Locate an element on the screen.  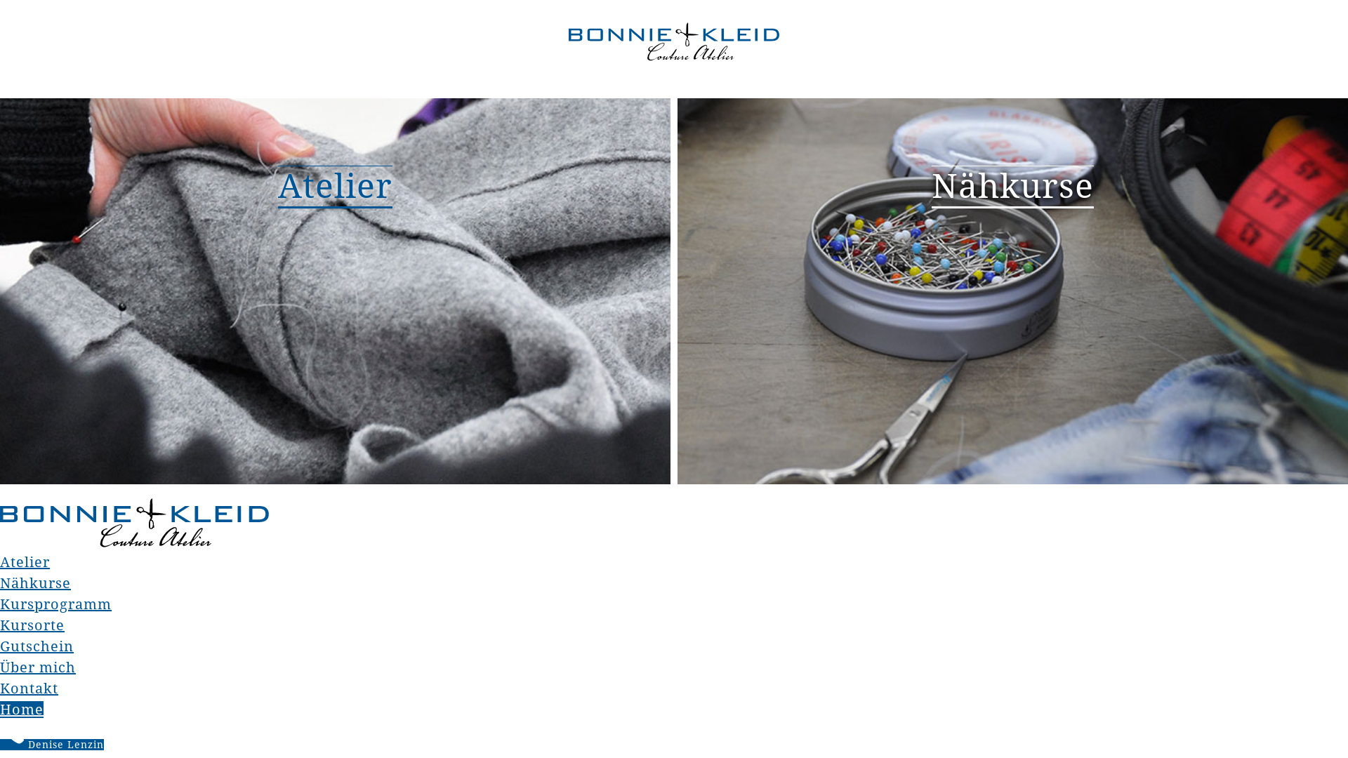
'Kontakt' is located at coordinates (29, 687).